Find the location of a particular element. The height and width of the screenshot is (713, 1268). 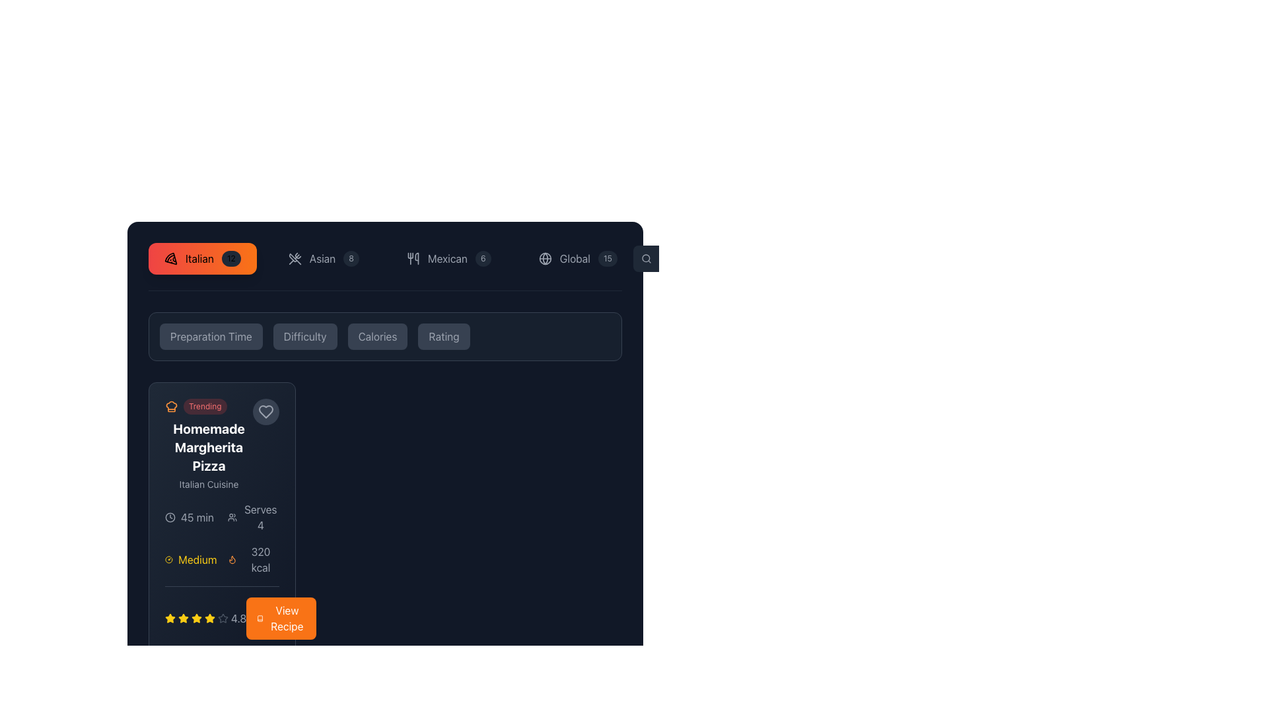

the 'Global' button, which is the fourth interactive button in the horizontal menu is located at coordinates (577, 259).